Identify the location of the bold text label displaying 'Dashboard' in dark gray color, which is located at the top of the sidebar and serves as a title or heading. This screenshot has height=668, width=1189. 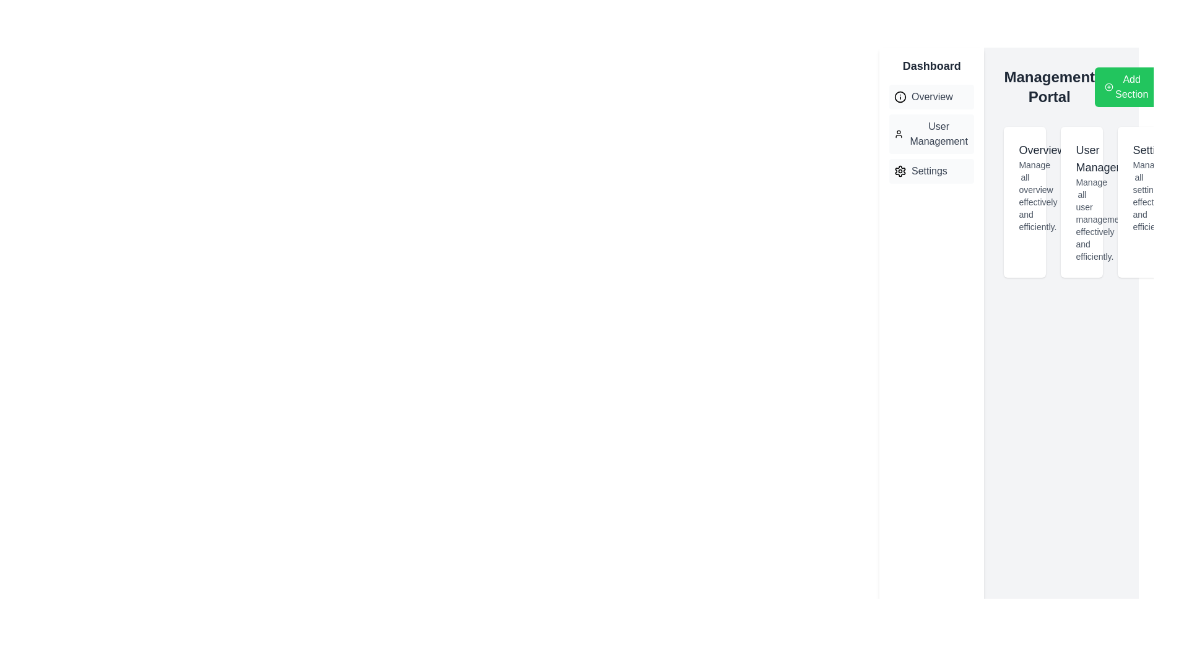
(931, 66).